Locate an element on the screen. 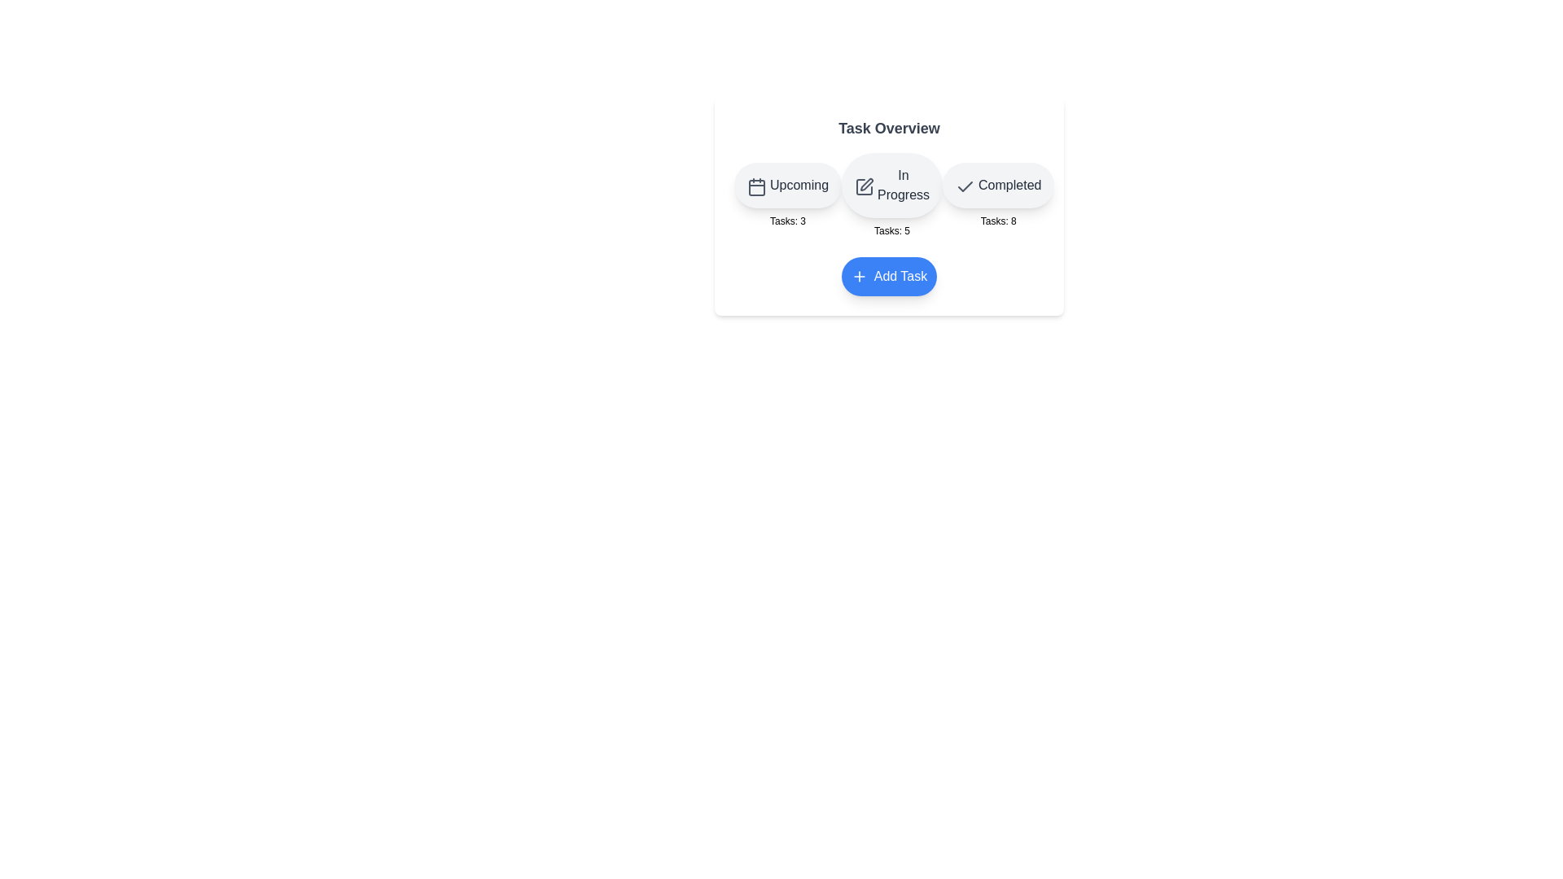 Image resolution: width=1563 pixels, height=879 pixels. the button for the category Upcoming is located at coordinates (788, 184).